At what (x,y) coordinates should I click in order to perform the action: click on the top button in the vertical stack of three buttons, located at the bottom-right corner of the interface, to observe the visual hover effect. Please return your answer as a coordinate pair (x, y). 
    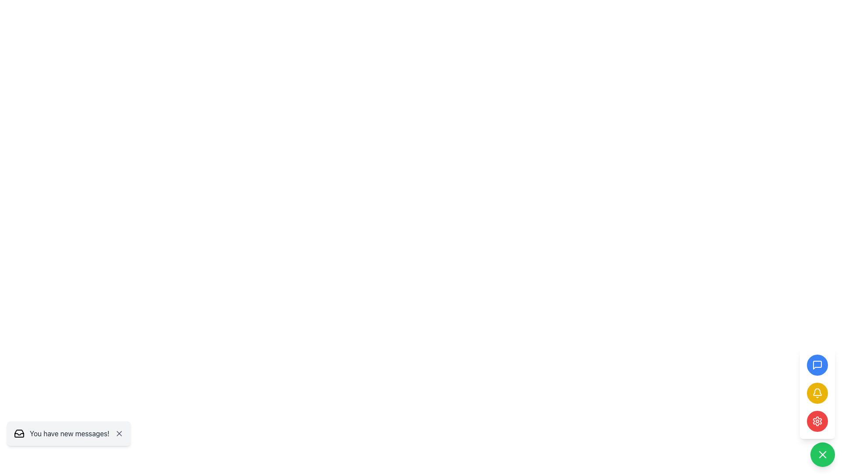
    Looking at the image, I should click on (817, 365).